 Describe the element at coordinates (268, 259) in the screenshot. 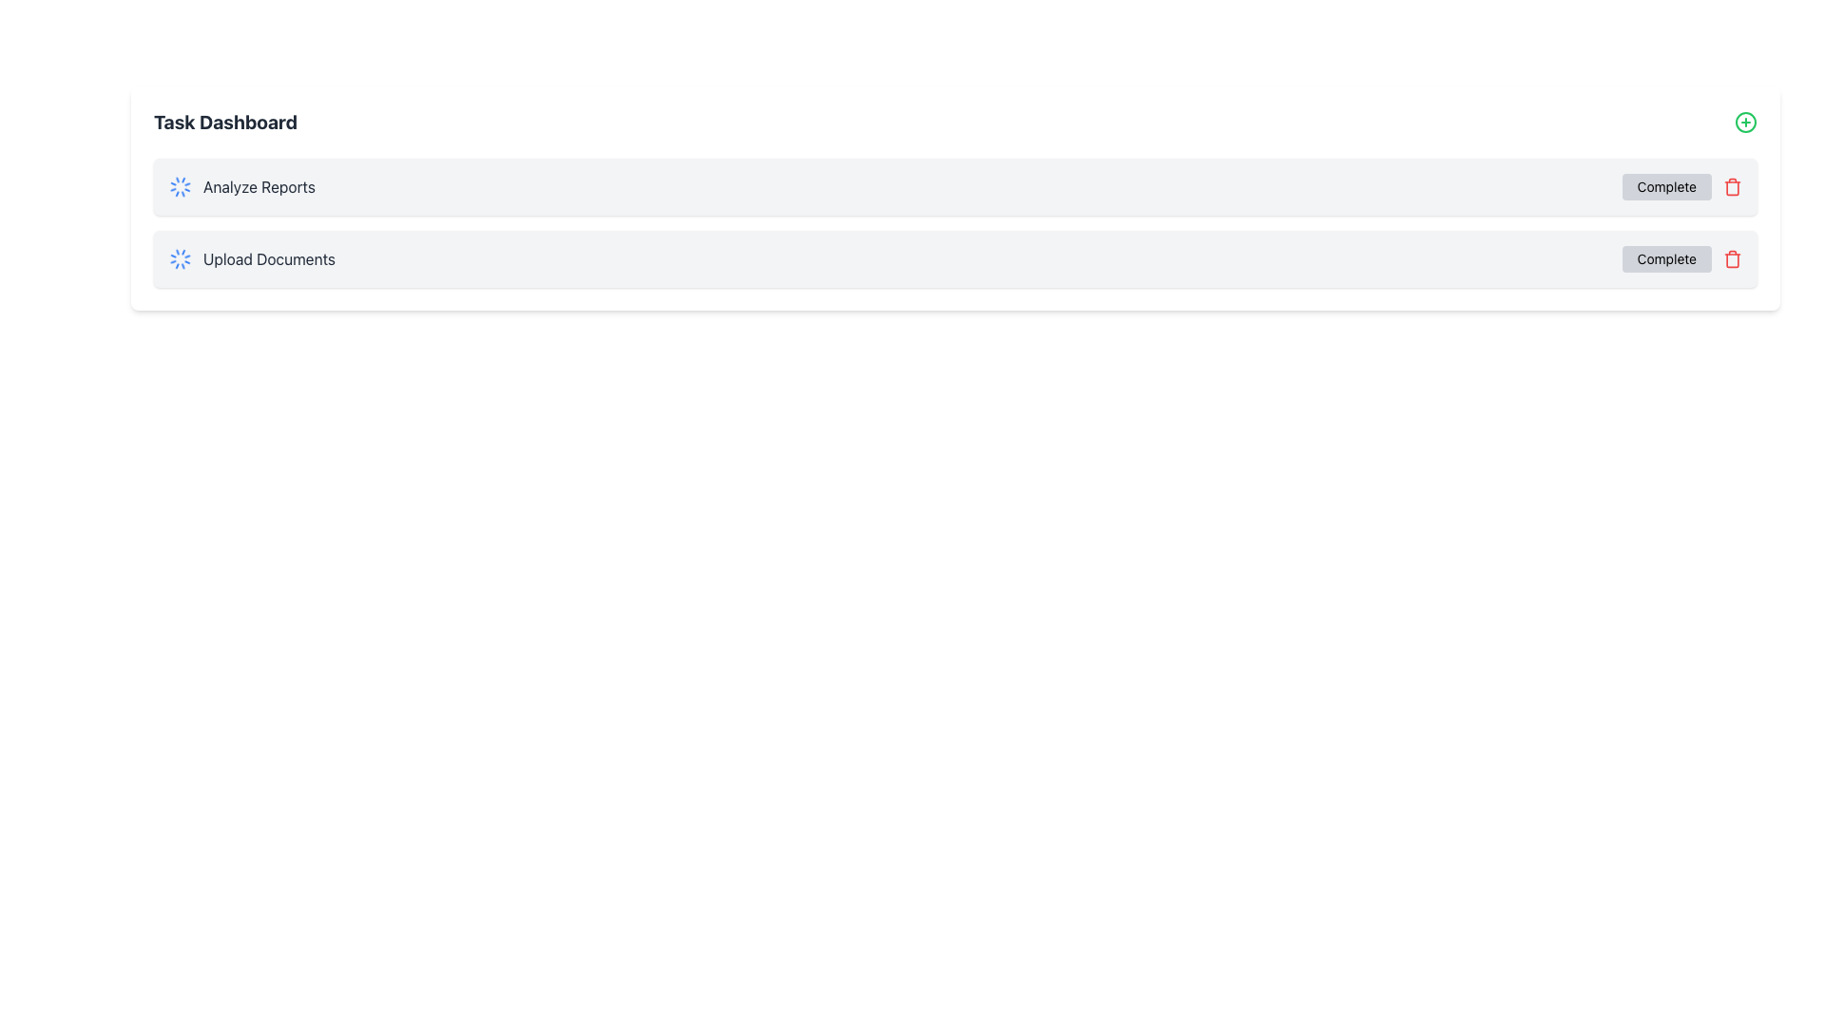

I see `the static text element displaying 'Upload Documents' in gray color, located below the 'Analyze Reports' section` at that location.